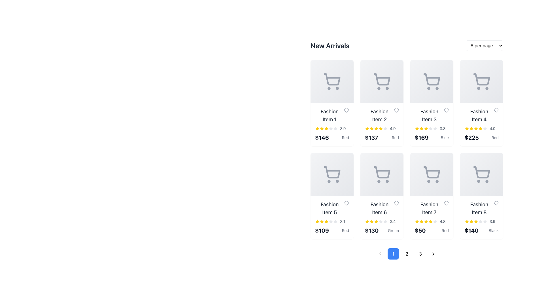 The image size is (544, 306). Describe the element at coordinates (496, 203) in the screenshot. I see `the heart-shaped favorite icon located in the top-right corner of the 'Fashion Item 8' product card` at that location.